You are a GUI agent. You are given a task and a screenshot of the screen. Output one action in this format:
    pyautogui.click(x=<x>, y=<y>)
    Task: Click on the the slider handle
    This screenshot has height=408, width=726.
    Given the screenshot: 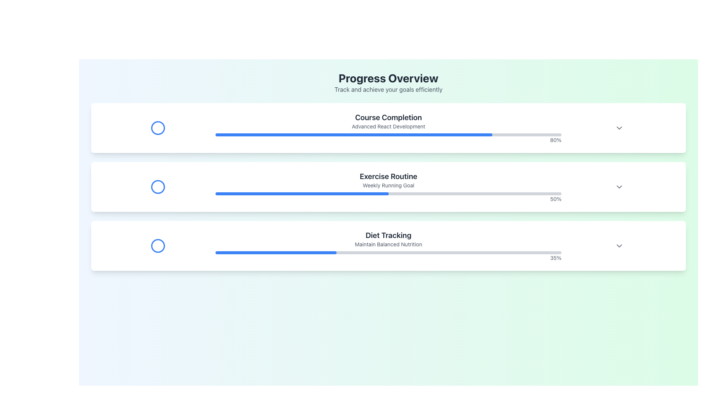 What is the action you would take?
    pyautogui.click(x=212, y=128)
    